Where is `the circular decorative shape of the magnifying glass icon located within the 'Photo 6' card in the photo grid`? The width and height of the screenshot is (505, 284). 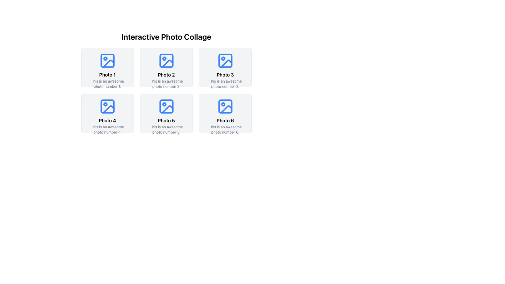
the circular decorative shape of the magnifying glass icon located within the 'Photo 6' card in the photo grid is located at coordinates (225, 113).